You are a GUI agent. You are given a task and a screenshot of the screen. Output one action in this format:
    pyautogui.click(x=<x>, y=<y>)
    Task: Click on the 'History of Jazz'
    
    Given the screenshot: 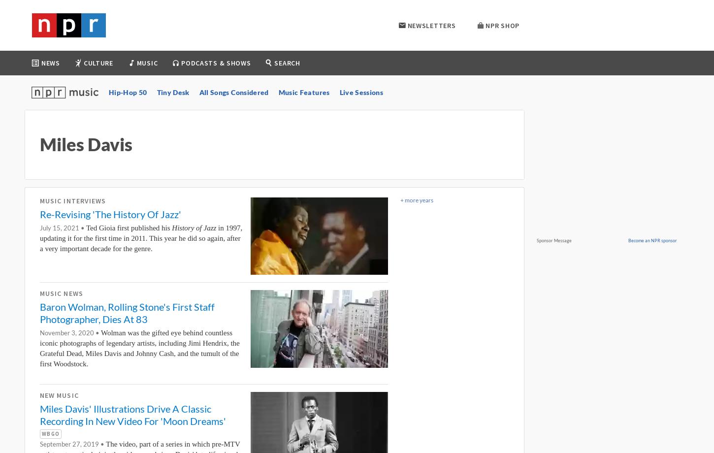 What is the action you would take?
    pyautogui.click(x=193, y=228)
    